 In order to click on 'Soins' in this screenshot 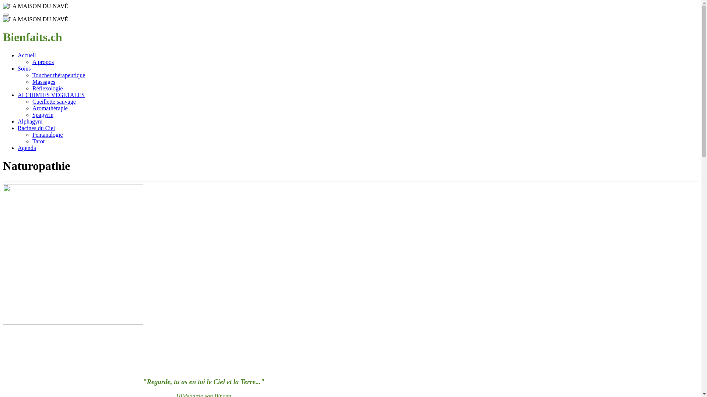, I will do `click(24, 68)`.